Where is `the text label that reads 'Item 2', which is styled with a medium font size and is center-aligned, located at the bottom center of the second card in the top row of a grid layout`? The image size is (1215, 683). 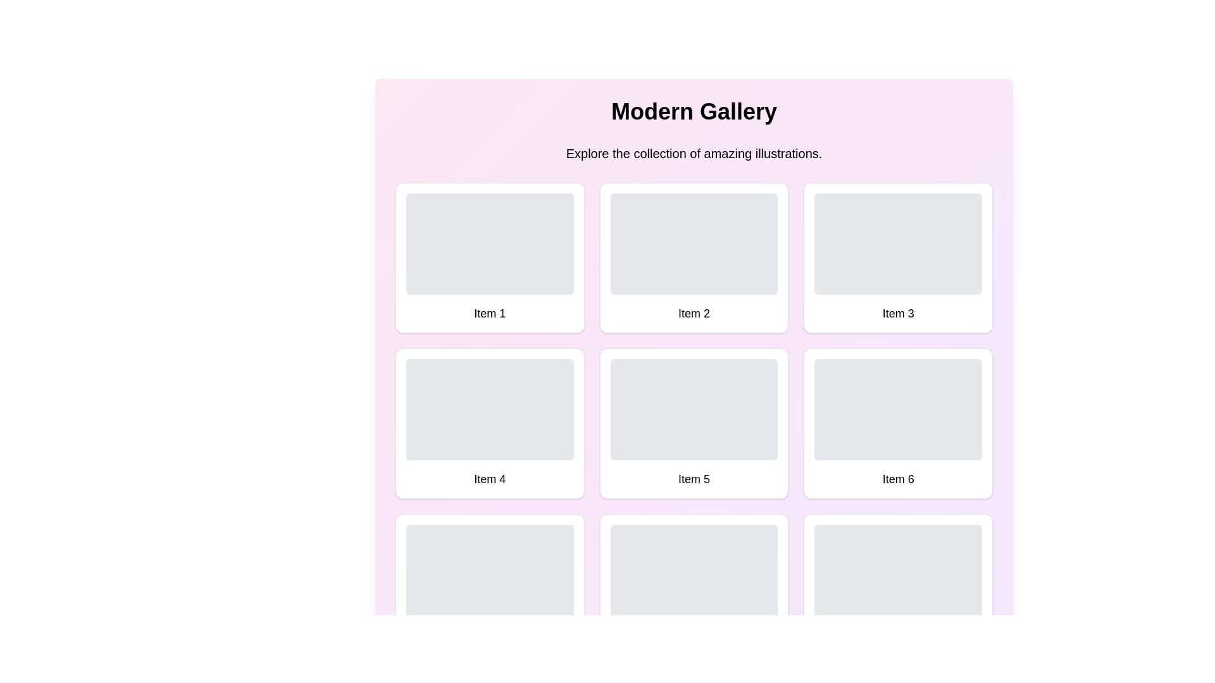
the text label that reads 'Item 2', which is styled with a medium font size and is center-aligned, located at the bottom center of the second card in the top row of a grid layout is located at coordinates (693, 313).